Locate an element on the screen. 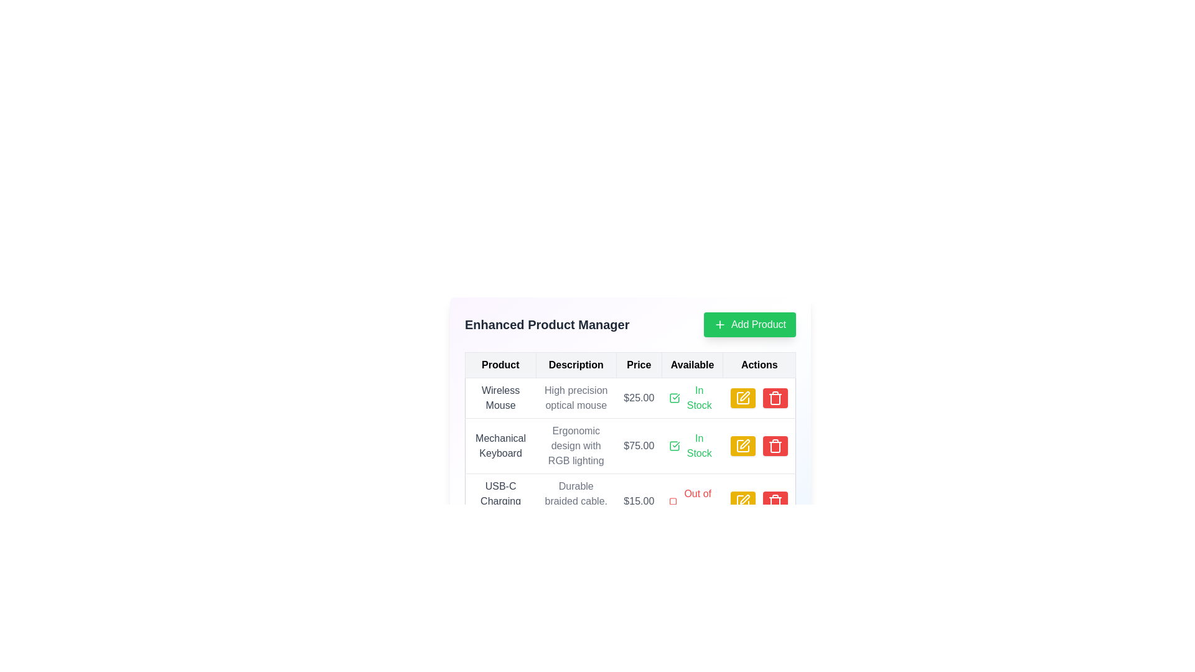 The height and width of the screenshot is (672, 1195). the left button in the Button group for the 'Mechanical Keyboard' product to initiate an edit action is located at coordinates (758, 446).